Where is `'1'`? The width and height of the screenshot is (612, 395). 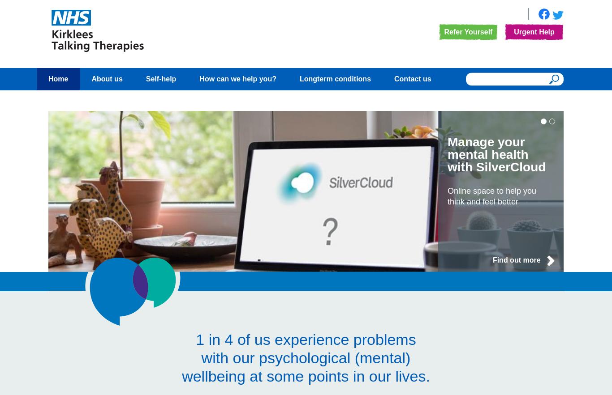 '1' is located at coordinates (541, 123).